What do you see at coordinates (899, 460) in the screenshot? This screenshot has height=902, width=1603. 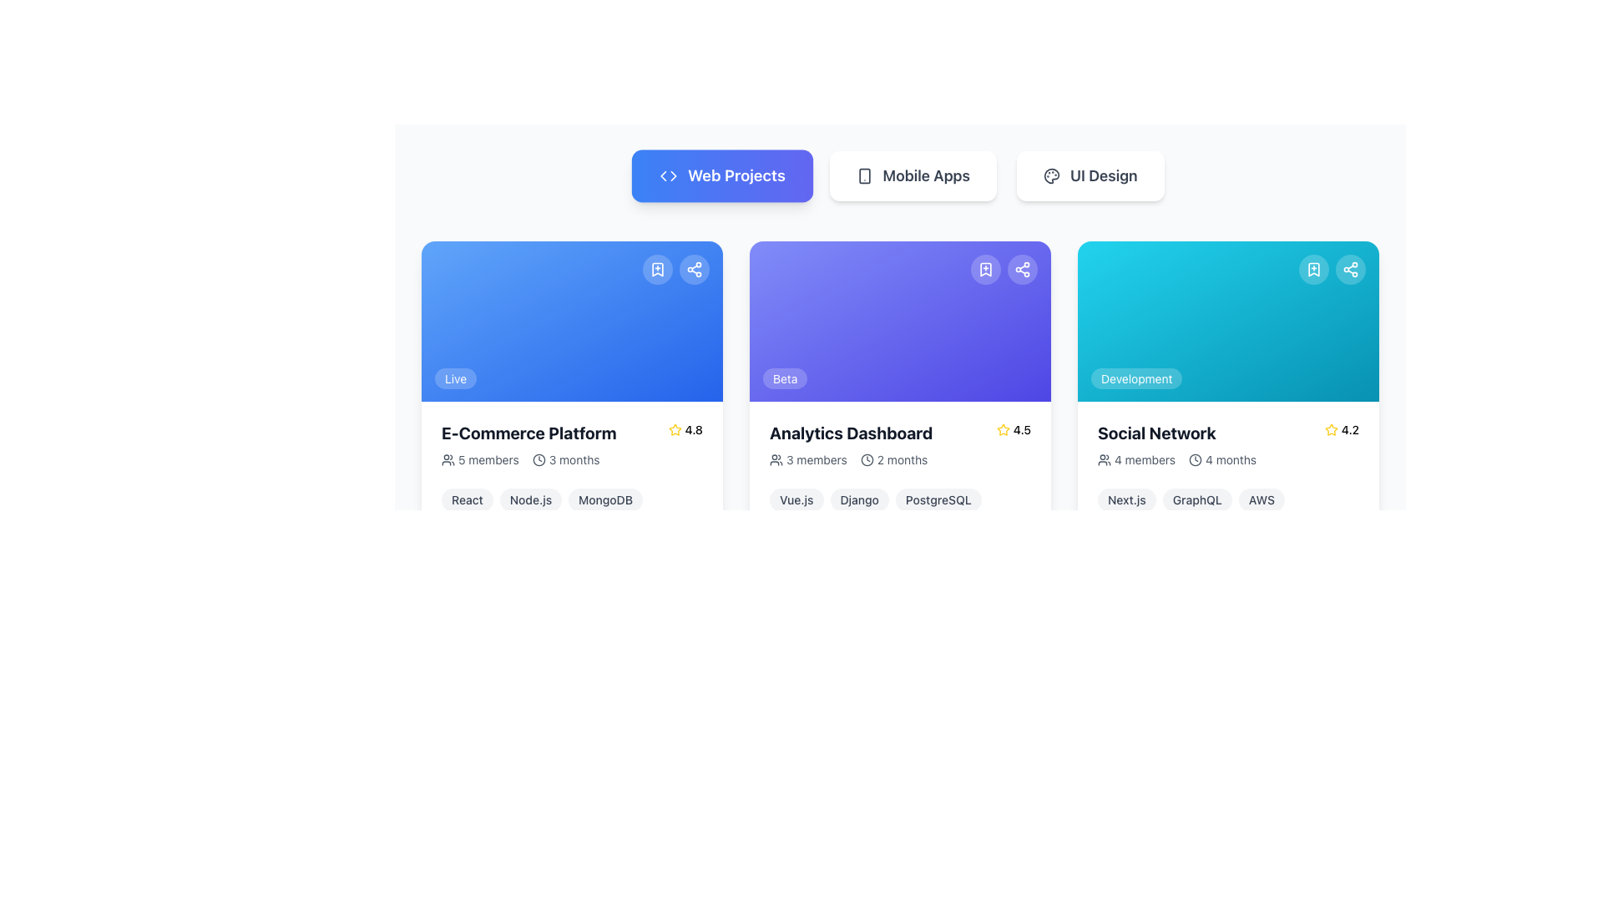 I see `the composite informational component providing metadata about the project, located in the bottom area of the card listing for the 'Analytics Dashboard'` at bounding box center [899, 460].